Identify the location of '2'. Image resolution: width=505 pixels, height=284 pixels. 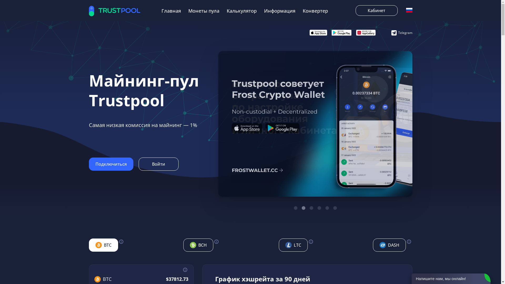
(303, 208).